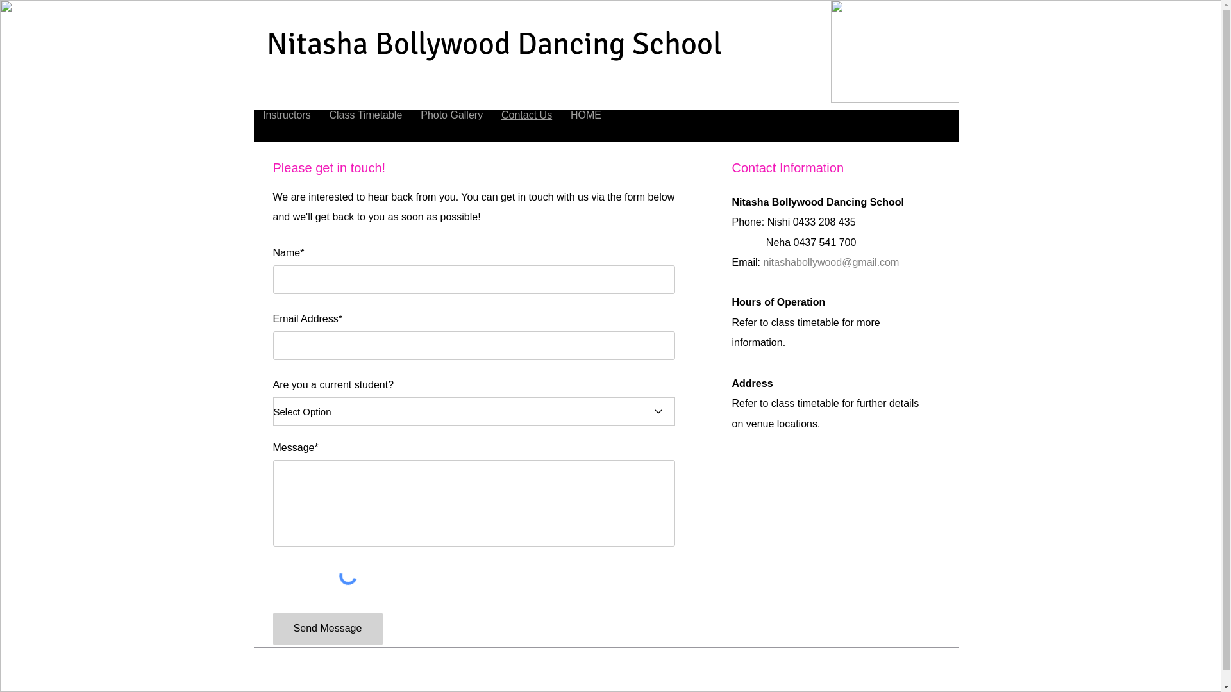 Image resolution: width=1231 pixels, height=692 pixels. I want to click on 'Class Timetable', so click(320, 115).